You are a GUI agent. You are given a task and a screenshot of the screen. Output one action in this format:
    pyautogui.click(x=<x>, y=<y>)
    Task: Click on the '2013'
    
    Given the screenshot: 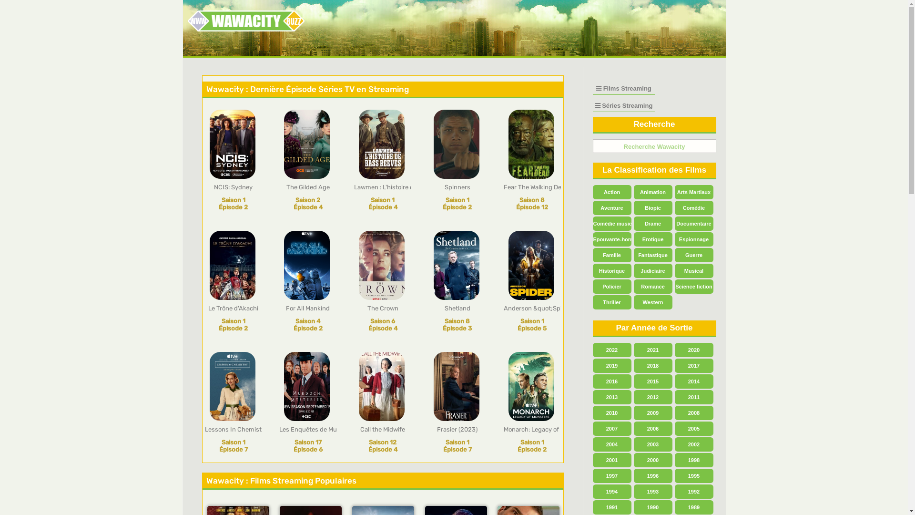 What is the action you would take?
    pyautogui.click(x=612, y=397)
    